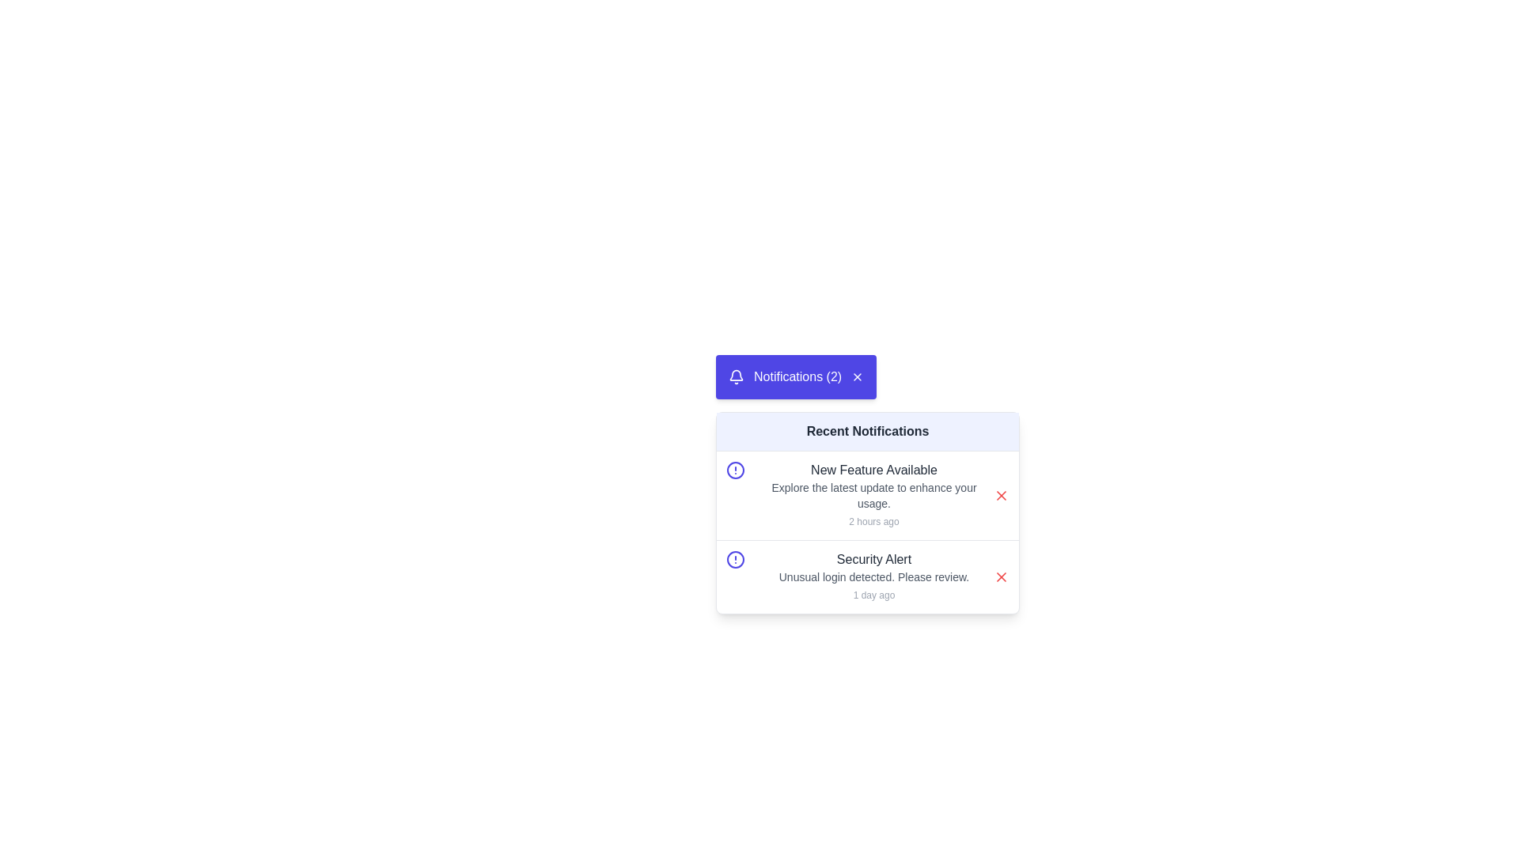 This screenshot has height=854, width=1519. Describe the element at coordinates (873, 495) in the screenshot. I see `notification titled 'New Feature Available' with the description 'Explore the latest update to enhance your usage.' and the timestamp '2 hours ago' in the notification list` at that location.